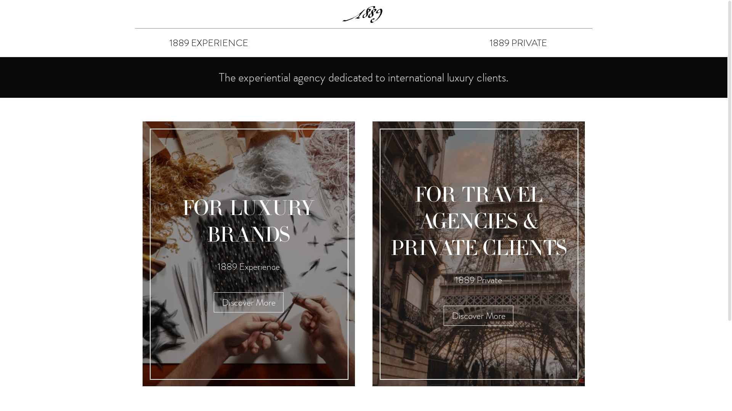 The image size is (732, 411). I want to click on 'Discover More', so click(443, 315).